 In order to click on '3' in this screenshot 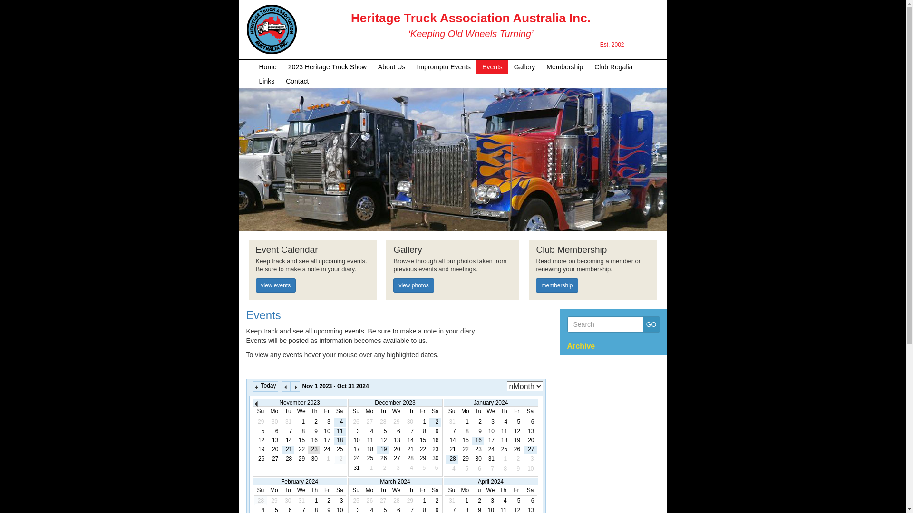, I will do `click(355, 431)`.